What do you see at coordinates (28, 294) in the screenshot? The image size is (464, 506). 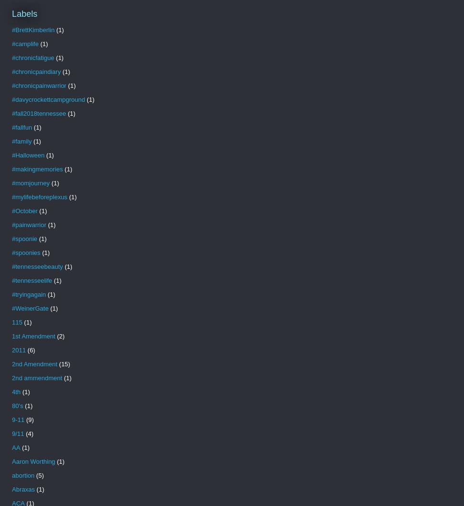 I see `'#tryingagain'` at bounding box center [28, 294].